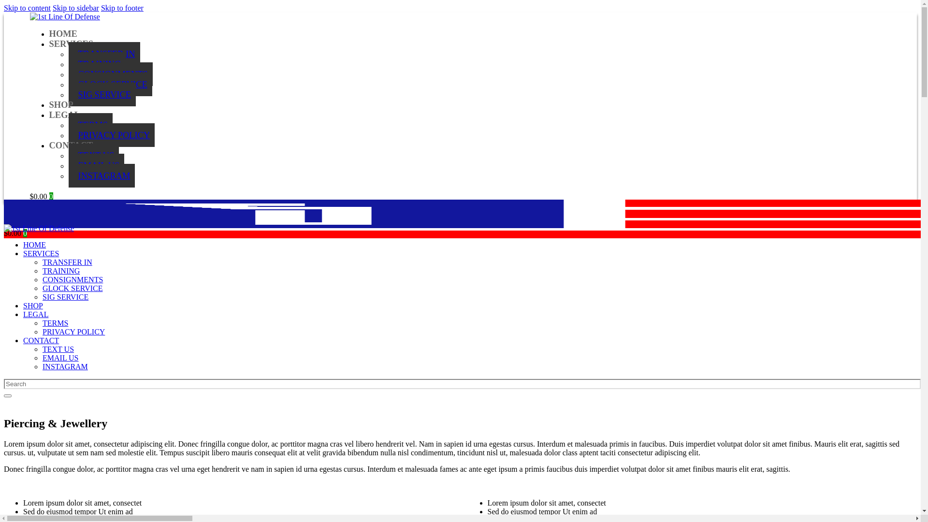 This screenshot has width=928, height=522. Describe the element at coordinates (35, 314) in the screenshot. I see `'LEGAL'` at that location.